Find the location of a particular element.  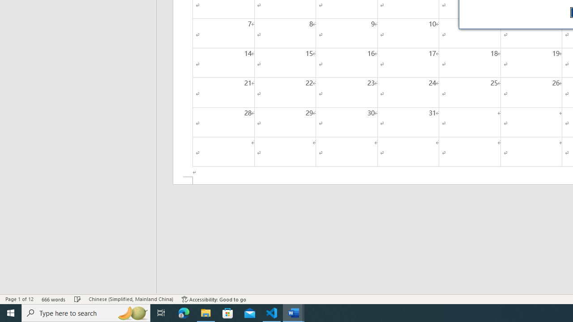

'Word - 2 running windows' is located at coordinates (294, 312).